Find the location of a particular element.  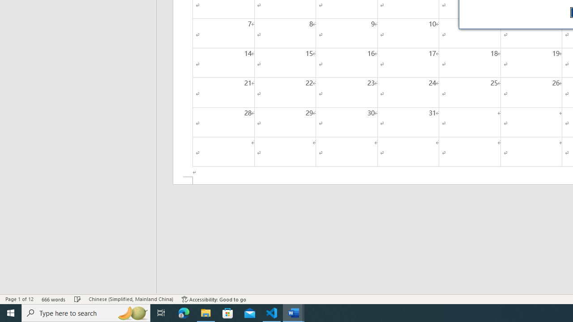

'Word - 2 running windows' is located at coordinates (294, 312).